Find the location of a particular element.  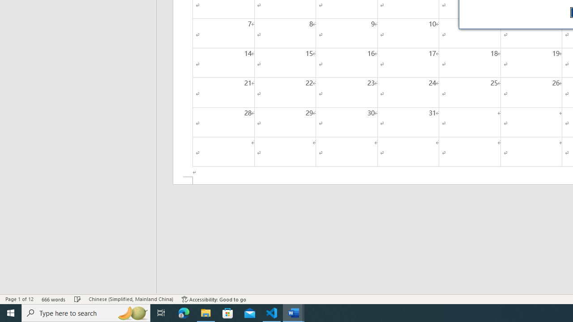

'Word - 2 running windows' is located at coordinates (294, 312).